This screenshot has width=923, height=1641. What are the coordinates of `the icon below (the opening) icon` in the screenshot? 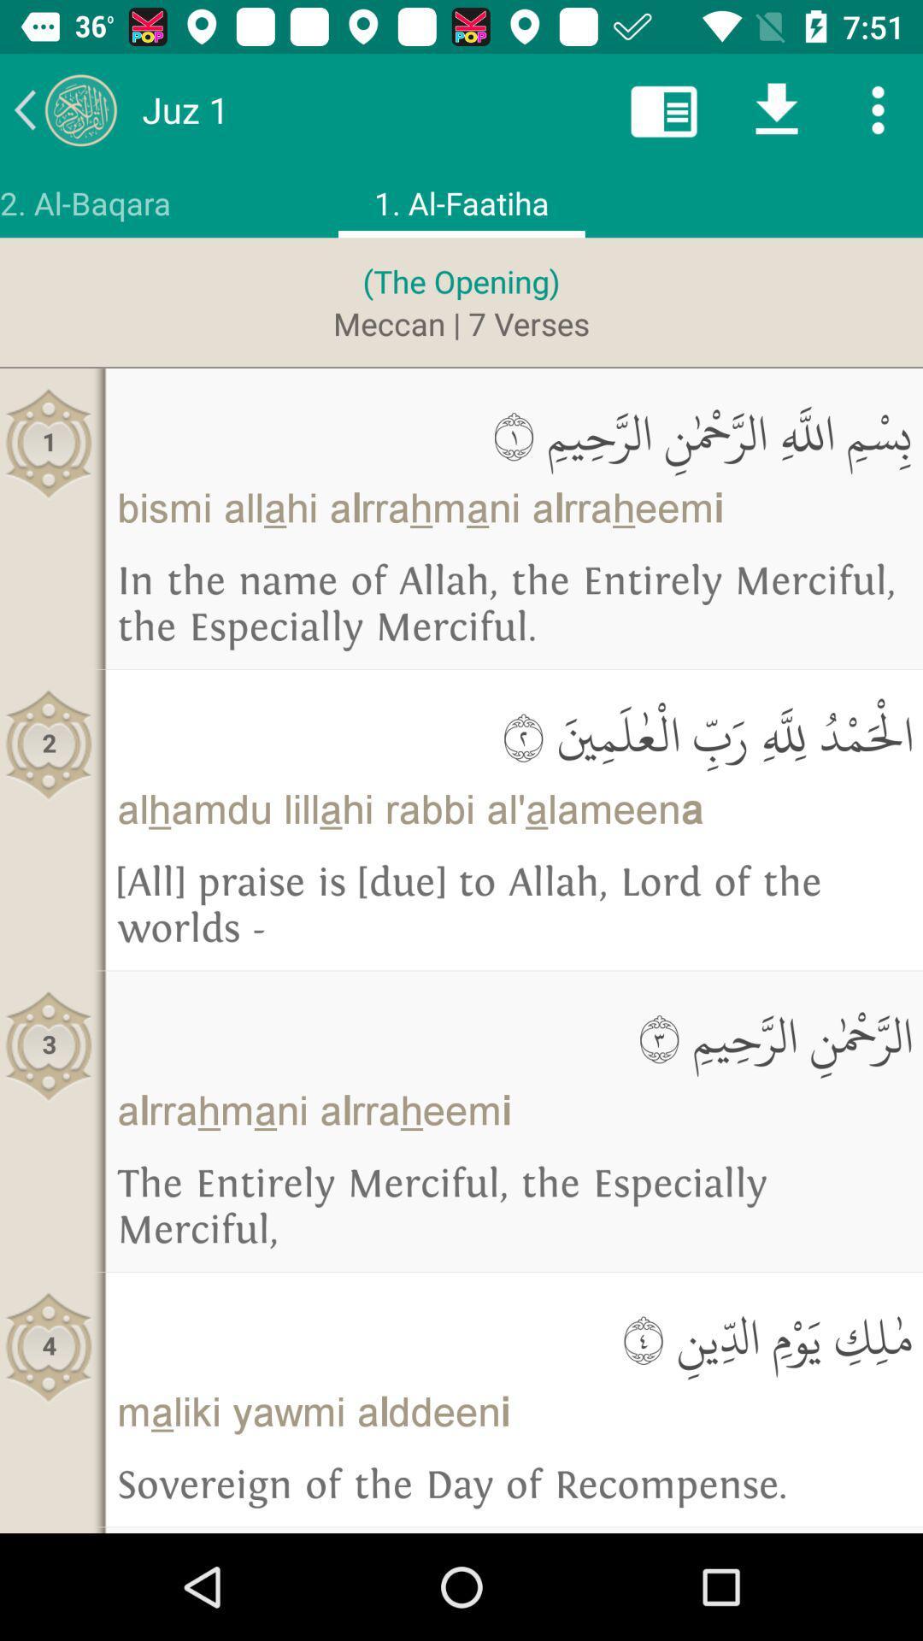 It's located at (461, 323).